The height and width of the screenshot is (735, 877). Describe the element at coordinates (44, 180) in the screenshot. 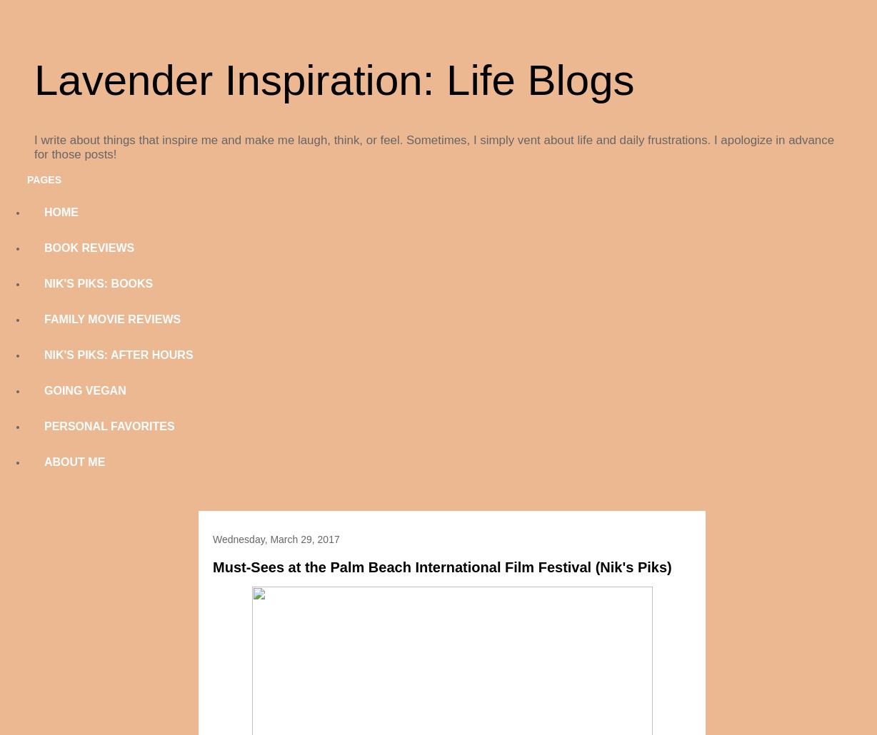

I see `'PAGES'` at that location.